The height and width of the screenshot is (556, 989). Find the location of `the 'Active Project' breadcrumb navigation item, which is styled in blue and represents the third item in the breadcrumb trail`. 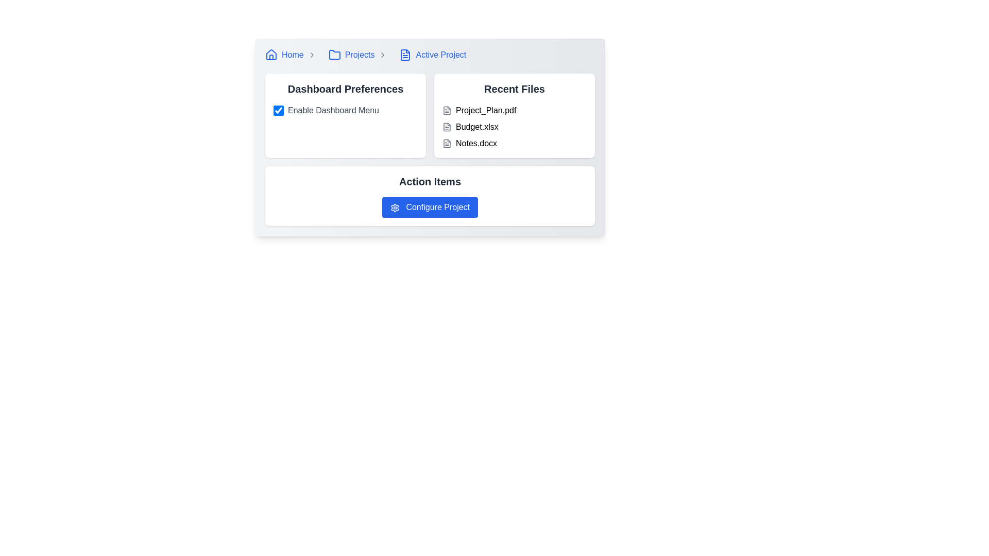

the 'Active Project' breadcrumb navigation item, which is styled in blue and represents the third item in the breadcrumb trail is located at coordinates (433, 55).